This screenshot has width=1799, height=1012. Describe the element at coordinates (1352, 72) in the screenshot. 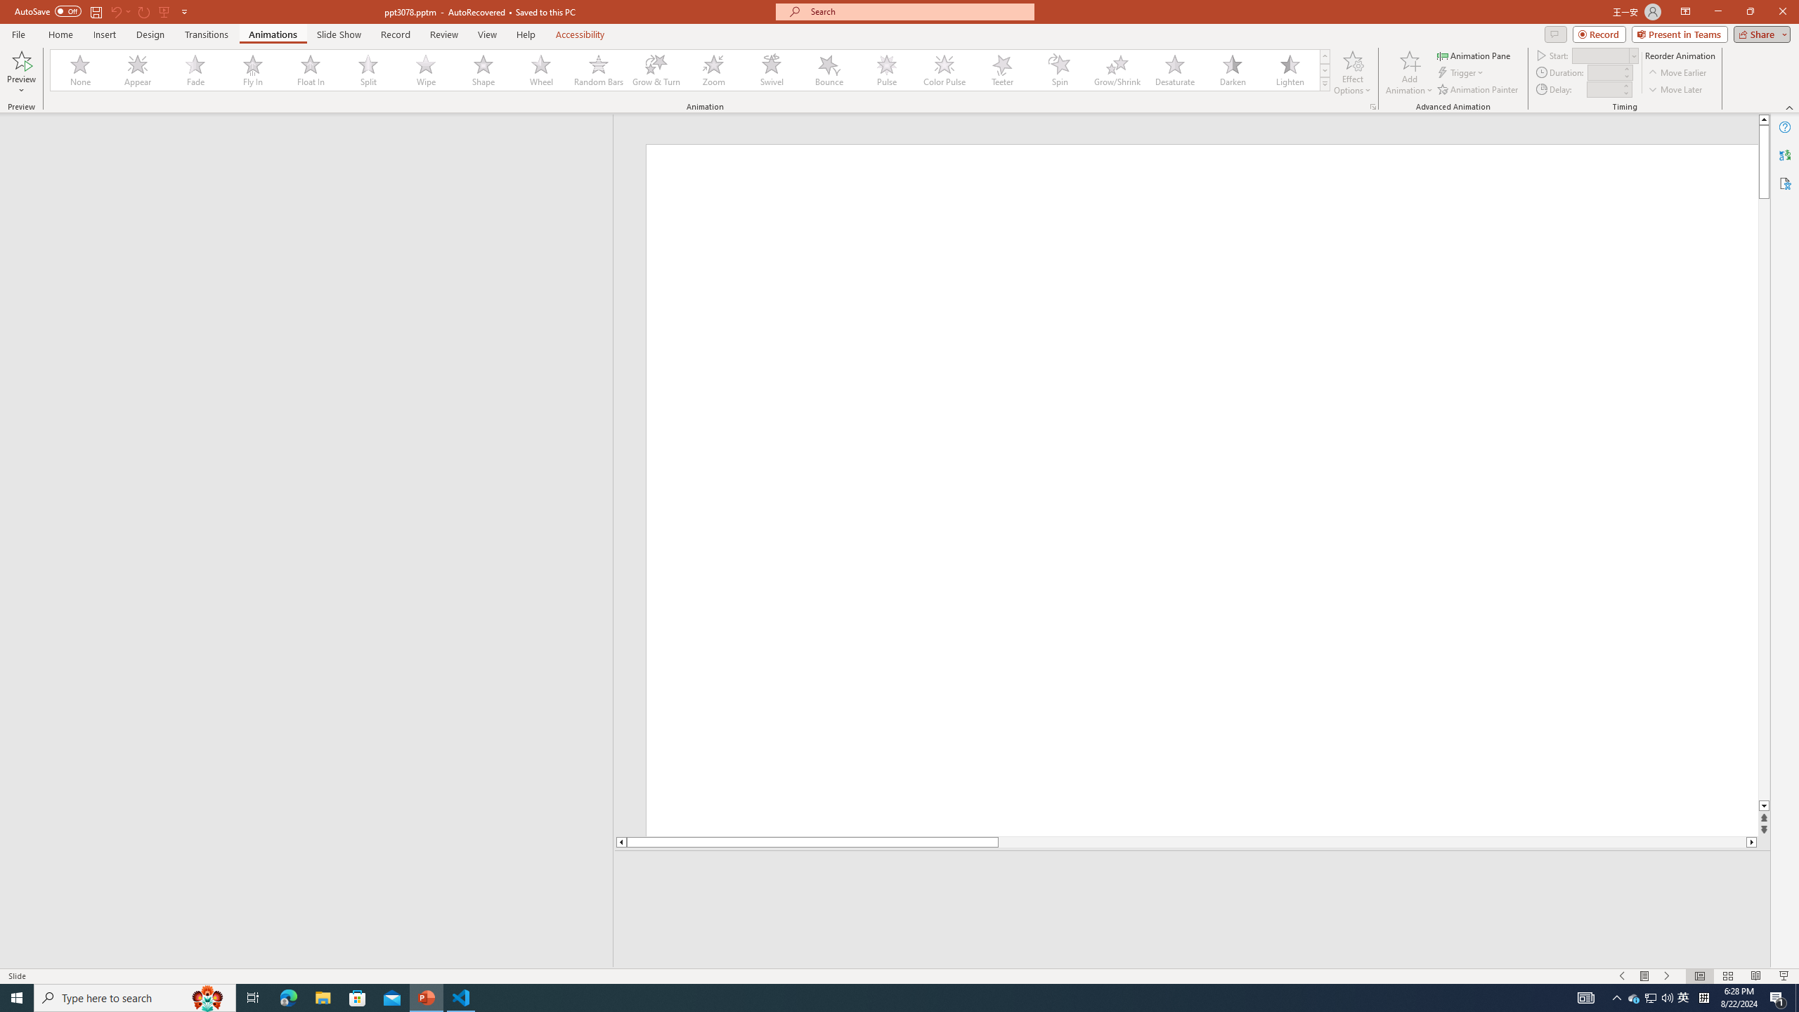

I see `'Effect Options'` at that location.